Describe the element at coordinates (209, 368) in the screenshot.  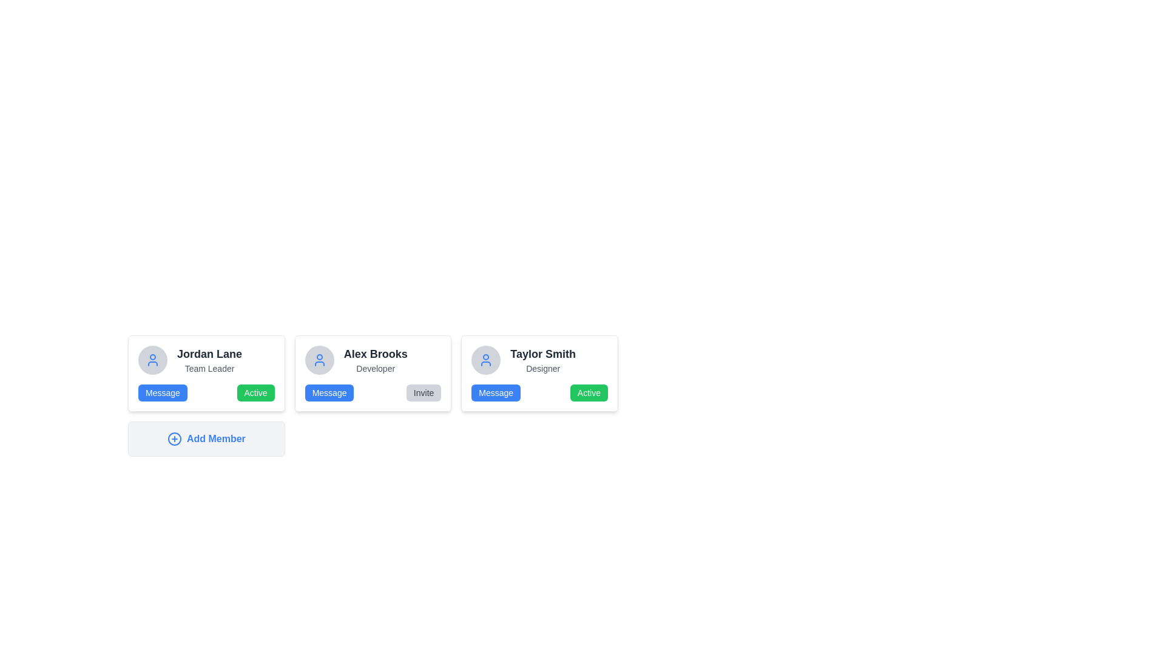
I see `the text label that provides additional role-based information about 'Jordan Lane', positioned directly below the name within the card-like structure` at that location.